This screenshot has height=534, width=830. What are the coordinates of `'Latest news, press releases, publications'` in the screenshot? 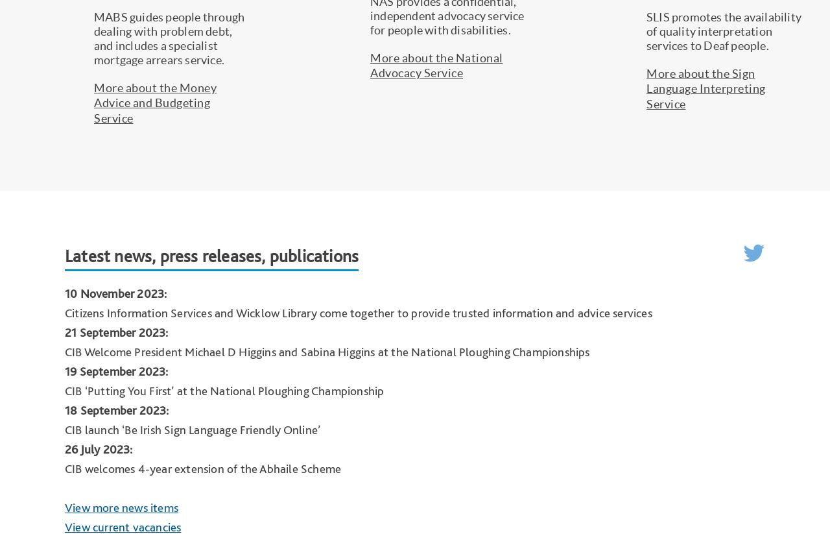 It's located at (211, 254).